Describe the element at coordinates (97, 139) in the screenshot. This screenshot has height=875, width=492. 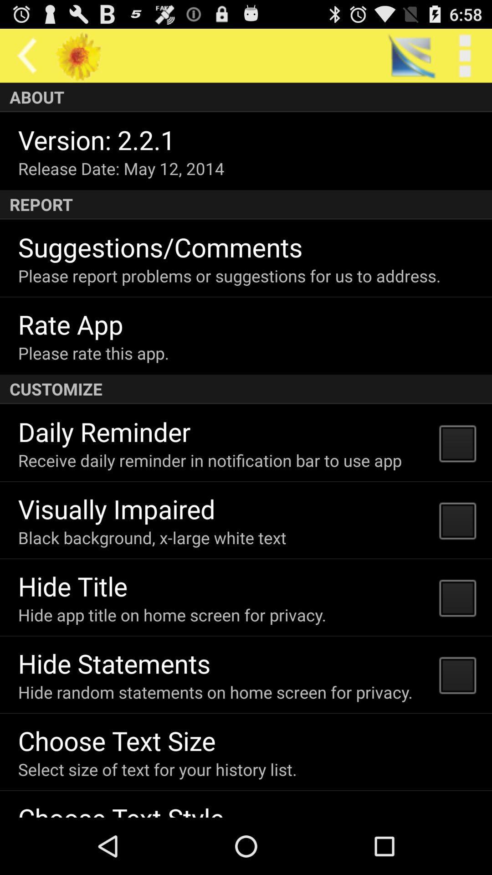
I see `version 2 2 icon` at that location.